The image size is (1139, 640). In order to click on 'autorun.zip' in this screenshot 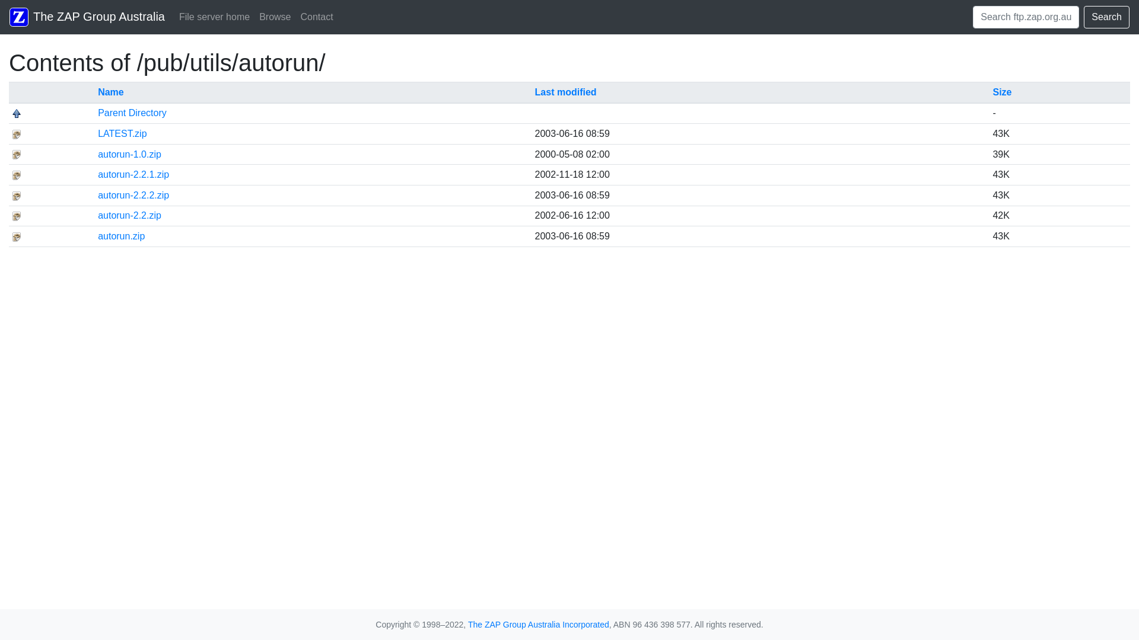, I will do `click(97, 236)`.